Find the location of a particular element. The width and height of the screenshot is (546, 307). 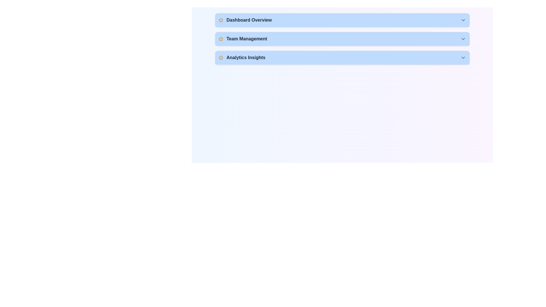

the 'Analytics Insights' text label with a yellow star icon is located at coordinates (242, 58).